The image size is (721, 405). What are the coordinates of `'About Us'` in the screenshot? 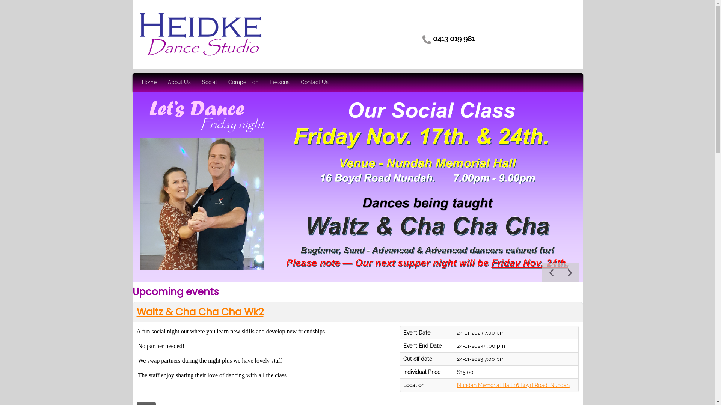 It's located at (178, 82).